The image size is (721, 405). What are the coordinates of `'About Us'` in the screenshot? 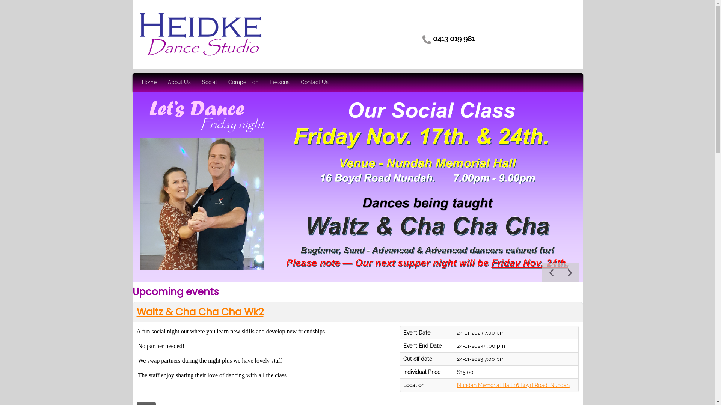 It's located at (178, 82).